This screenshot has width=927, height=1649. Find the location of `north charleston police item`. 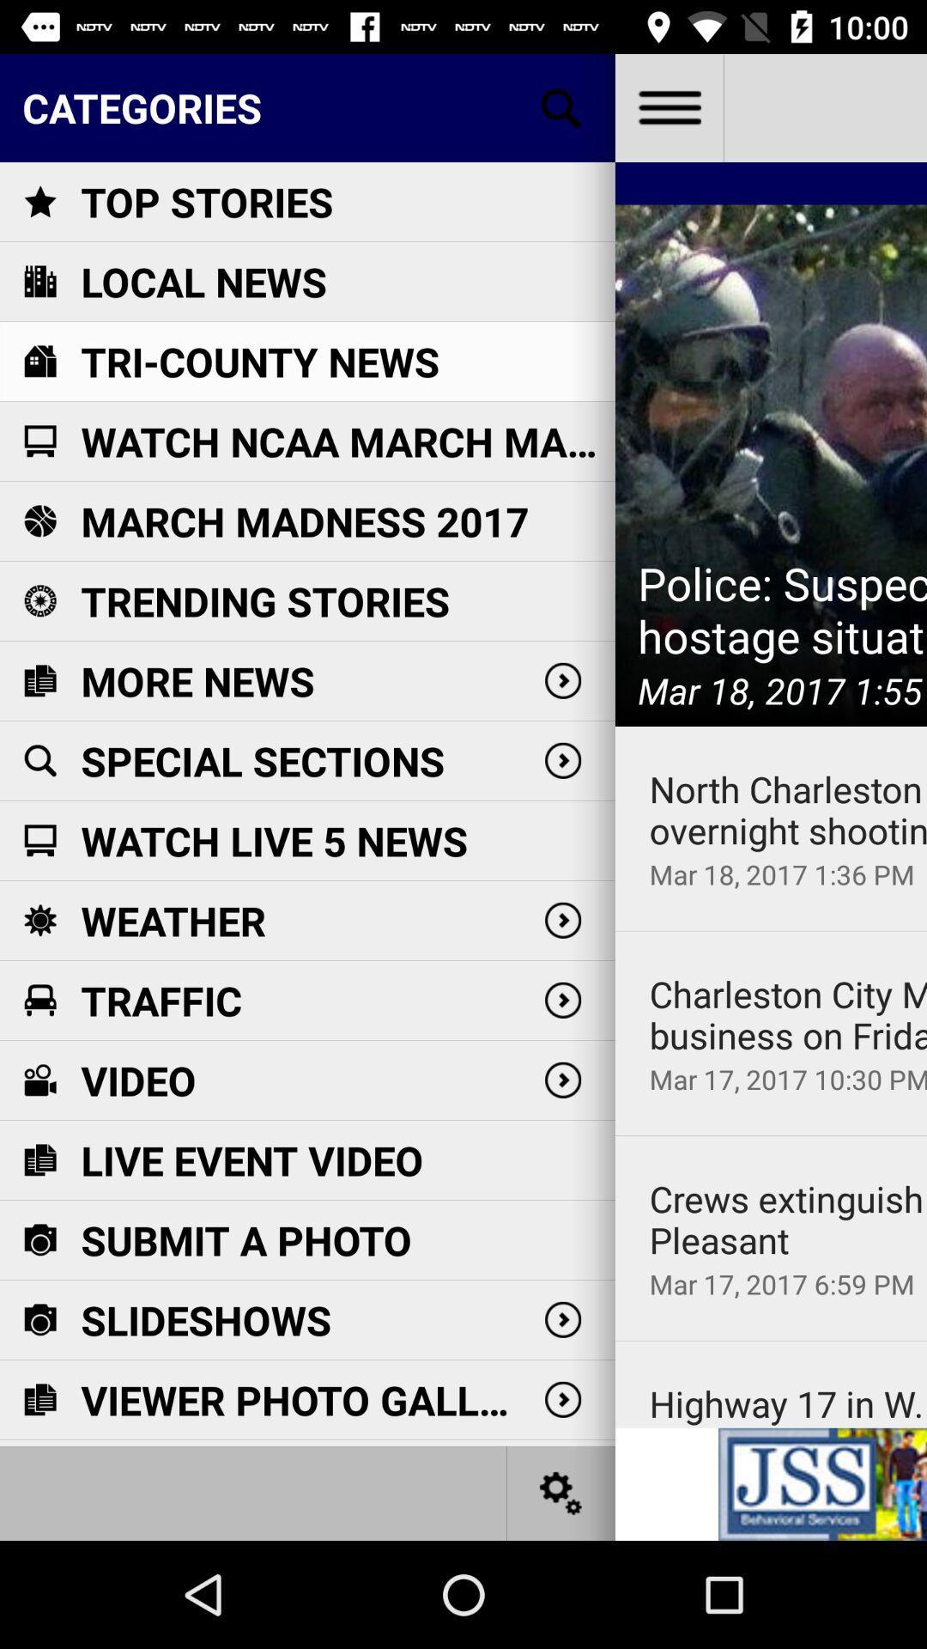

north charleston police item is located at coordinates (788, 809).